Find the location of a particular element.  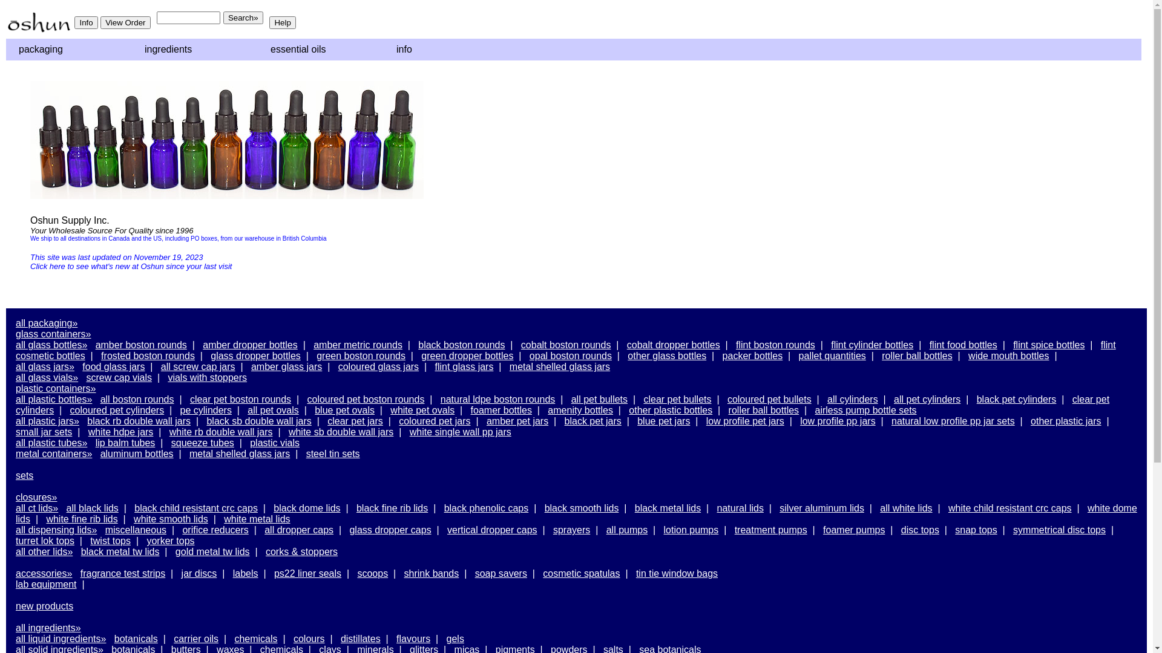

'black phenolic caps' is located at coordinates (486, 508).